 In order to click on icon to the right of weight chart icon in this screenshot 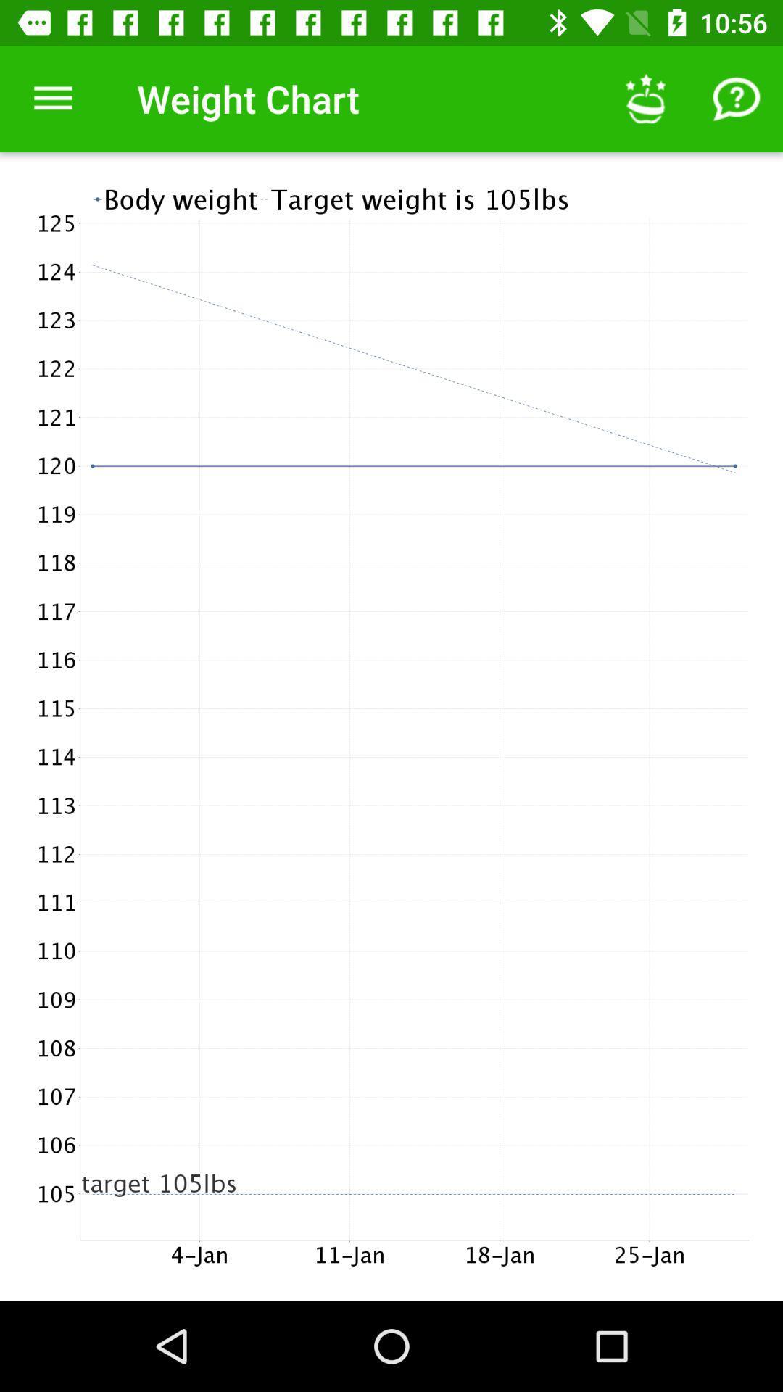, I will do `click(645, 98)`.